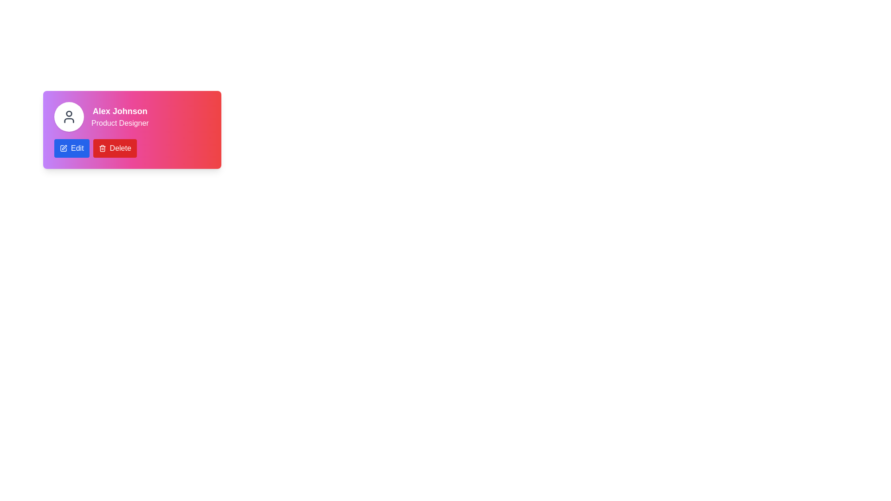 The height and width of the screenshot is (501, 891). What do you see at coordinates (63, 148) in the screenshot?
I see `the SVG sub-element that visually represents part of the edit icon located beside the 'Edit' button in the card` at bounding box center [63, 148].